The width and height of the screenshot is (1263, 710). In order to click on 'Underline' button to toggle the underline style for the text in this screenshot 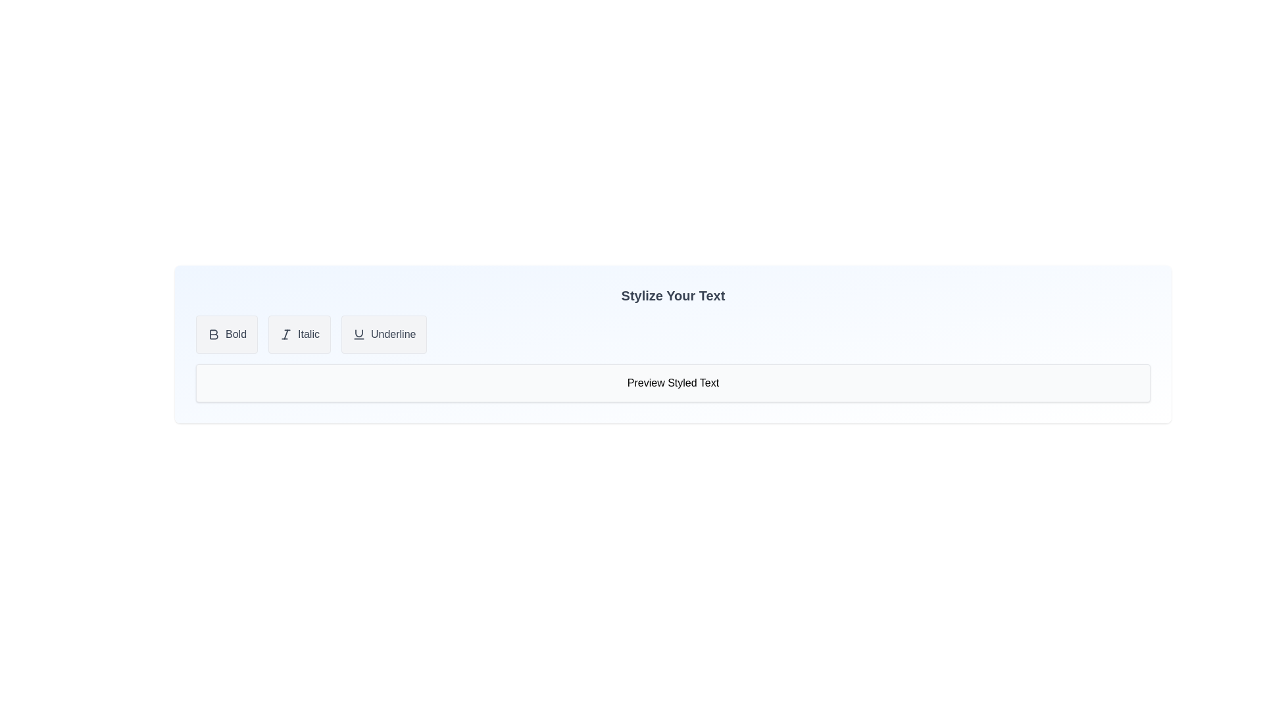, I will do `click(384, 334)`.